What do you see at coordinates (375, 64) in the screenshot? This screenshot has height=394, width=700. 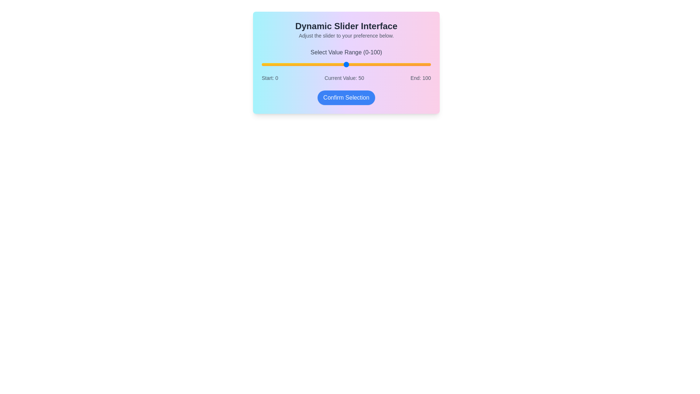 I see `the slider to set the value to 67` at bounding box center [375, 64].